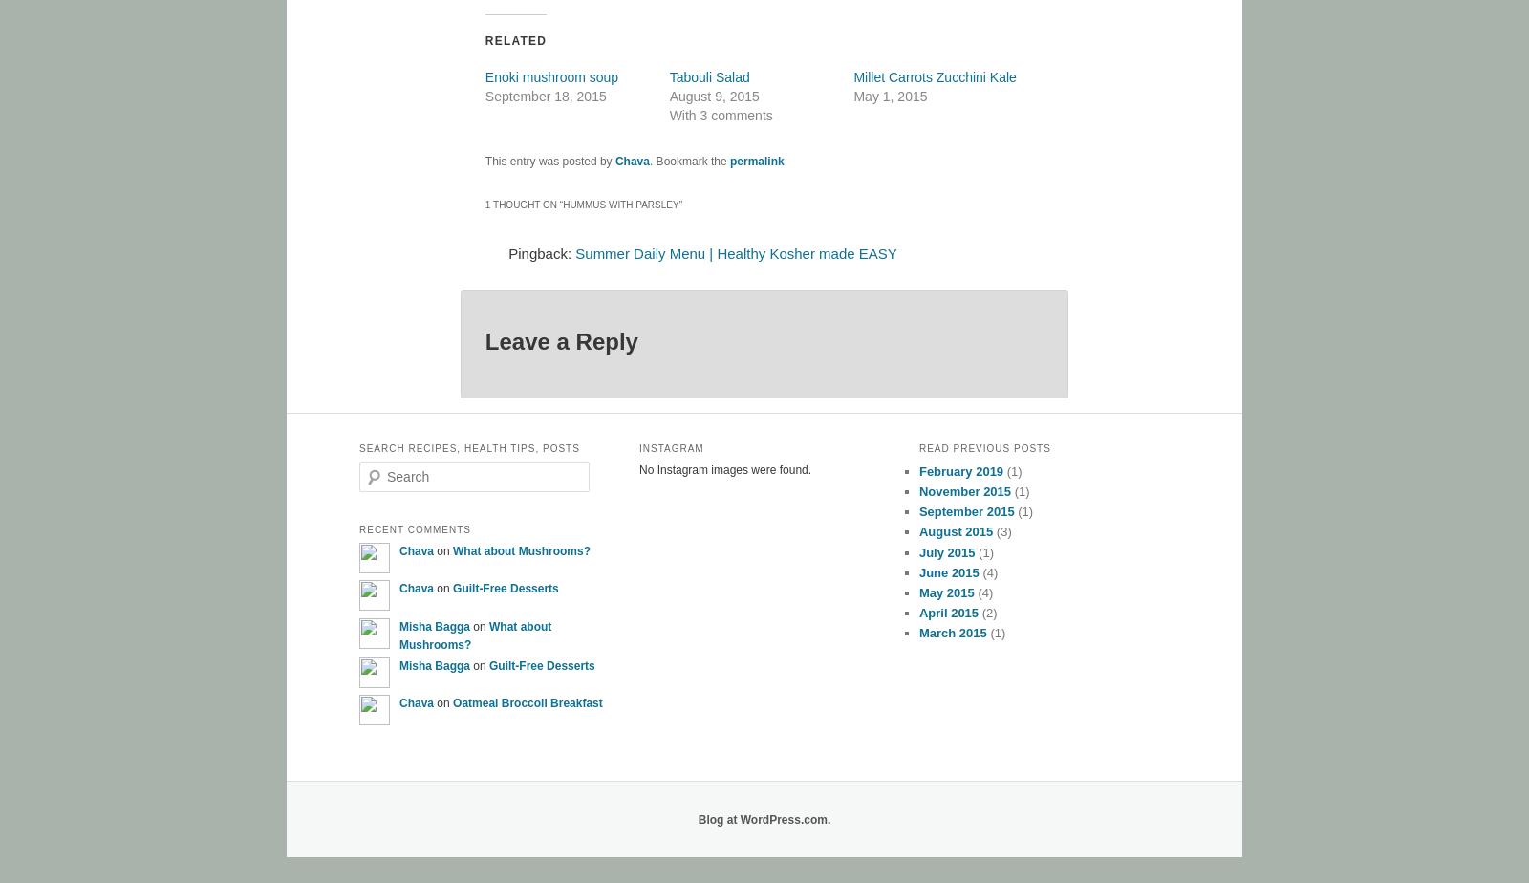 The width and height of the screenshot is (1529, 883). I want to click on 'August 2015', so click(916, 531).